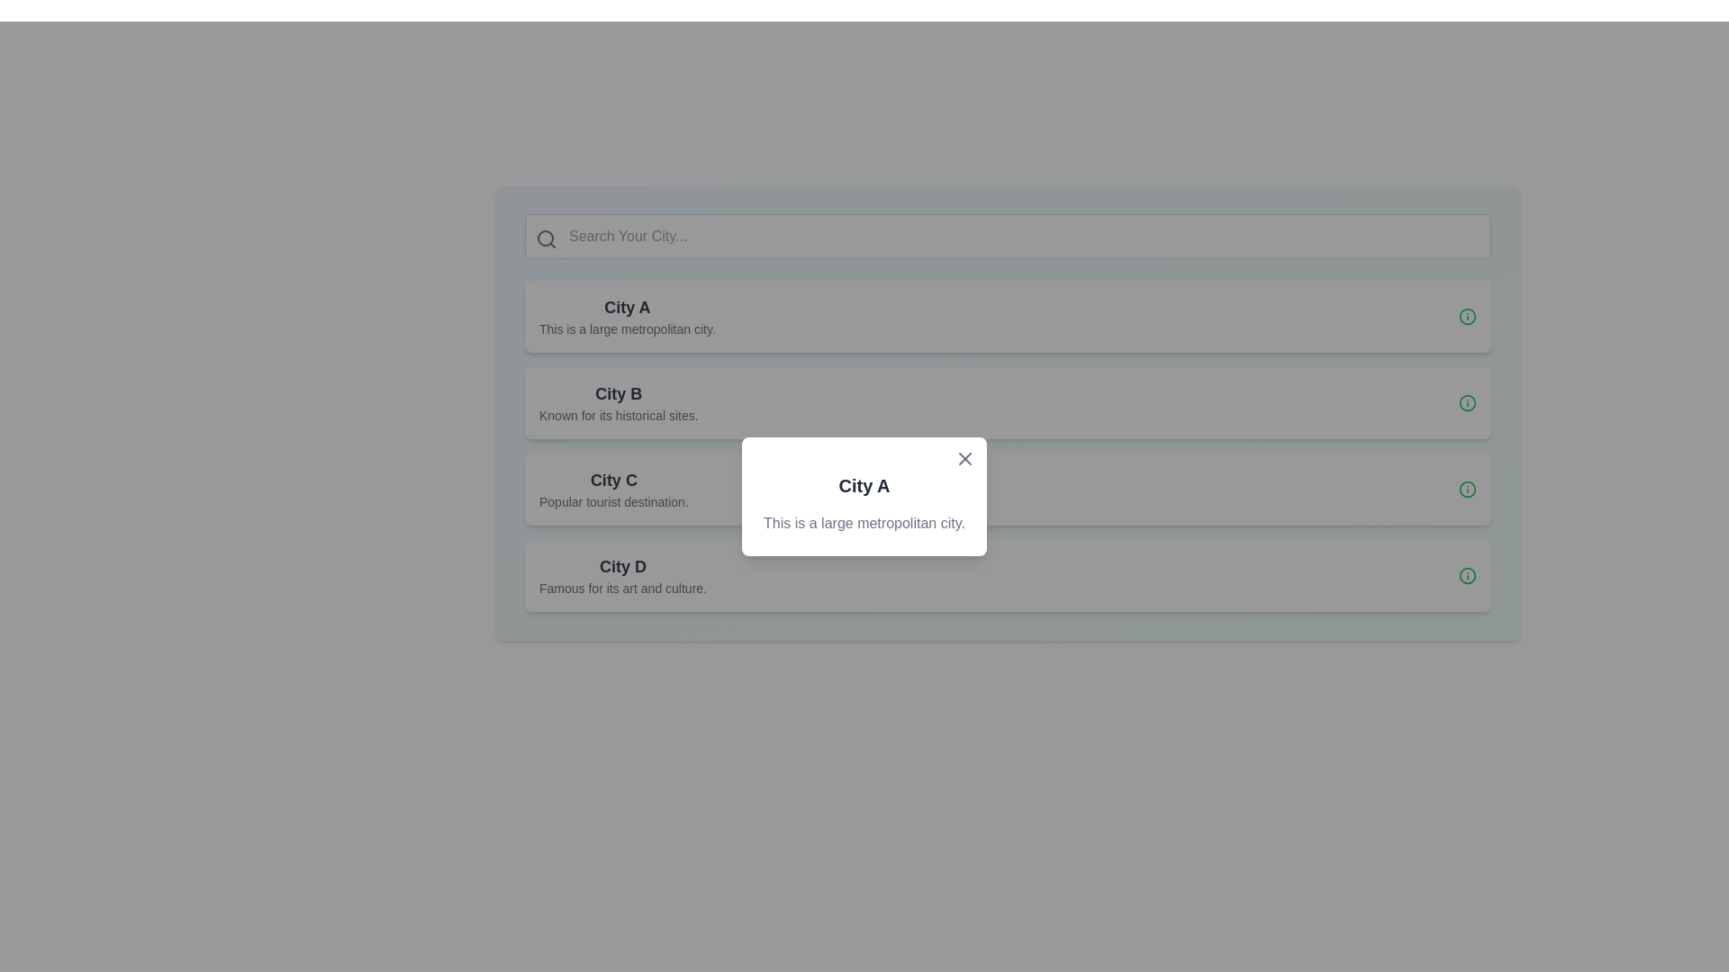 The width and height of the screenshot is (1729, 972). What do you see at coordinates (964, 457) in the screenshot?
I see `the close button located at the top-right corner of the white card panel titled 'City A'` at bounding box center [964, 457].